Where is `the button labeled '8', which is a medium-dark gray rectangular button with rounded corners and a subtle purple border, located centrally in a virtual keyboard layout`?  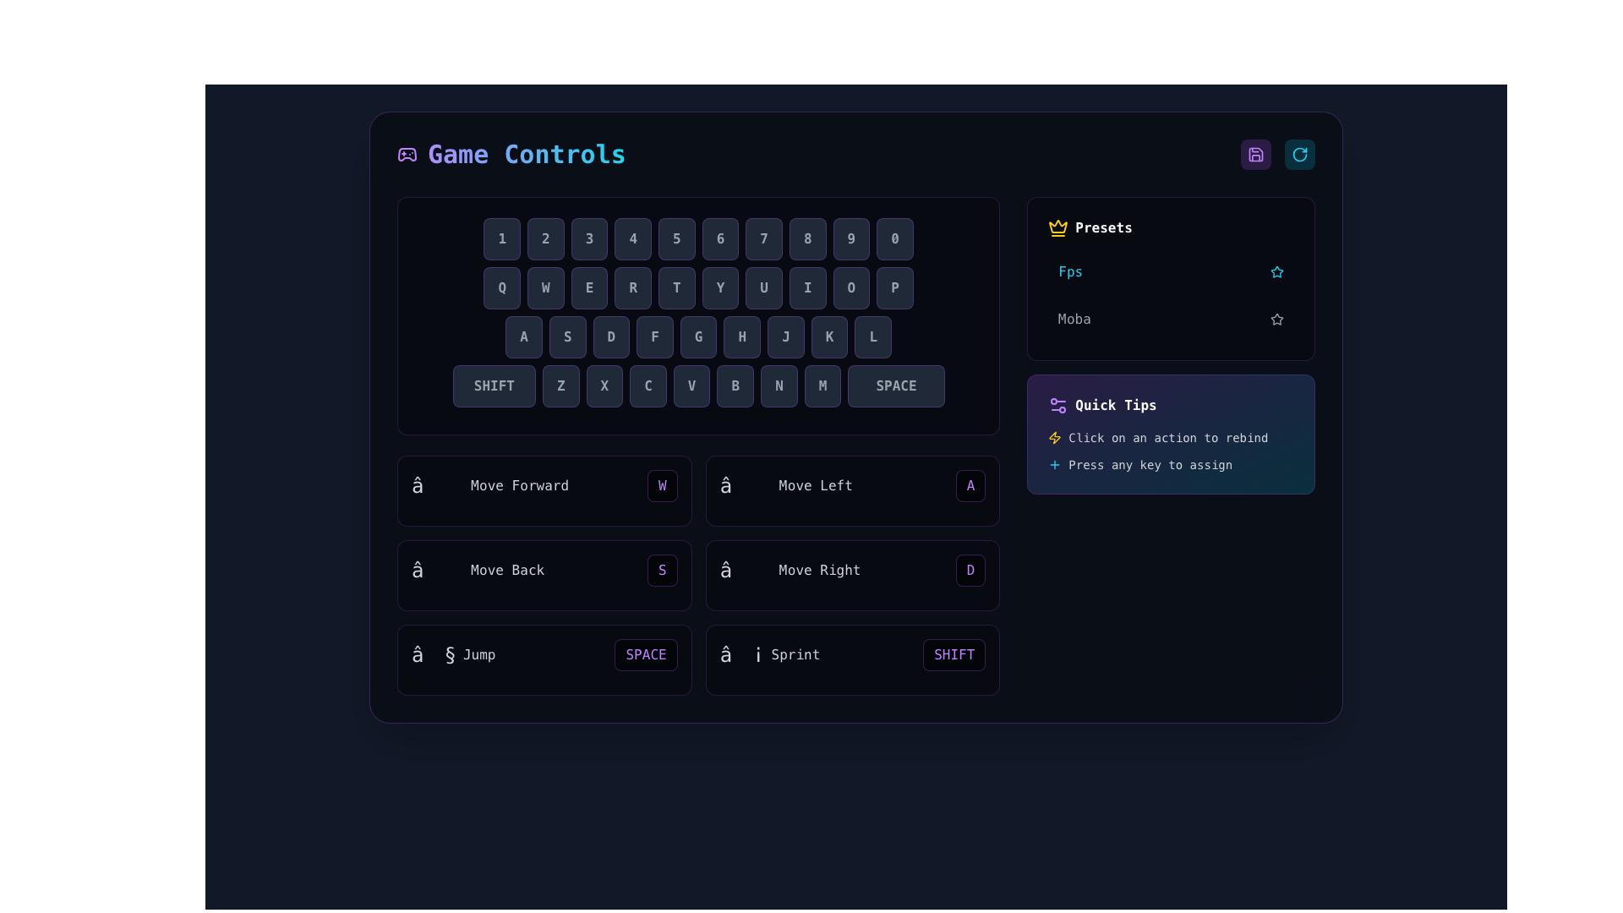
the button labeled '8', which is a medium-dark gray rectangular button with rounded corners and a subtle purple border, located centrally in a virtual keyboard layout is located at coordinates (806, 238).